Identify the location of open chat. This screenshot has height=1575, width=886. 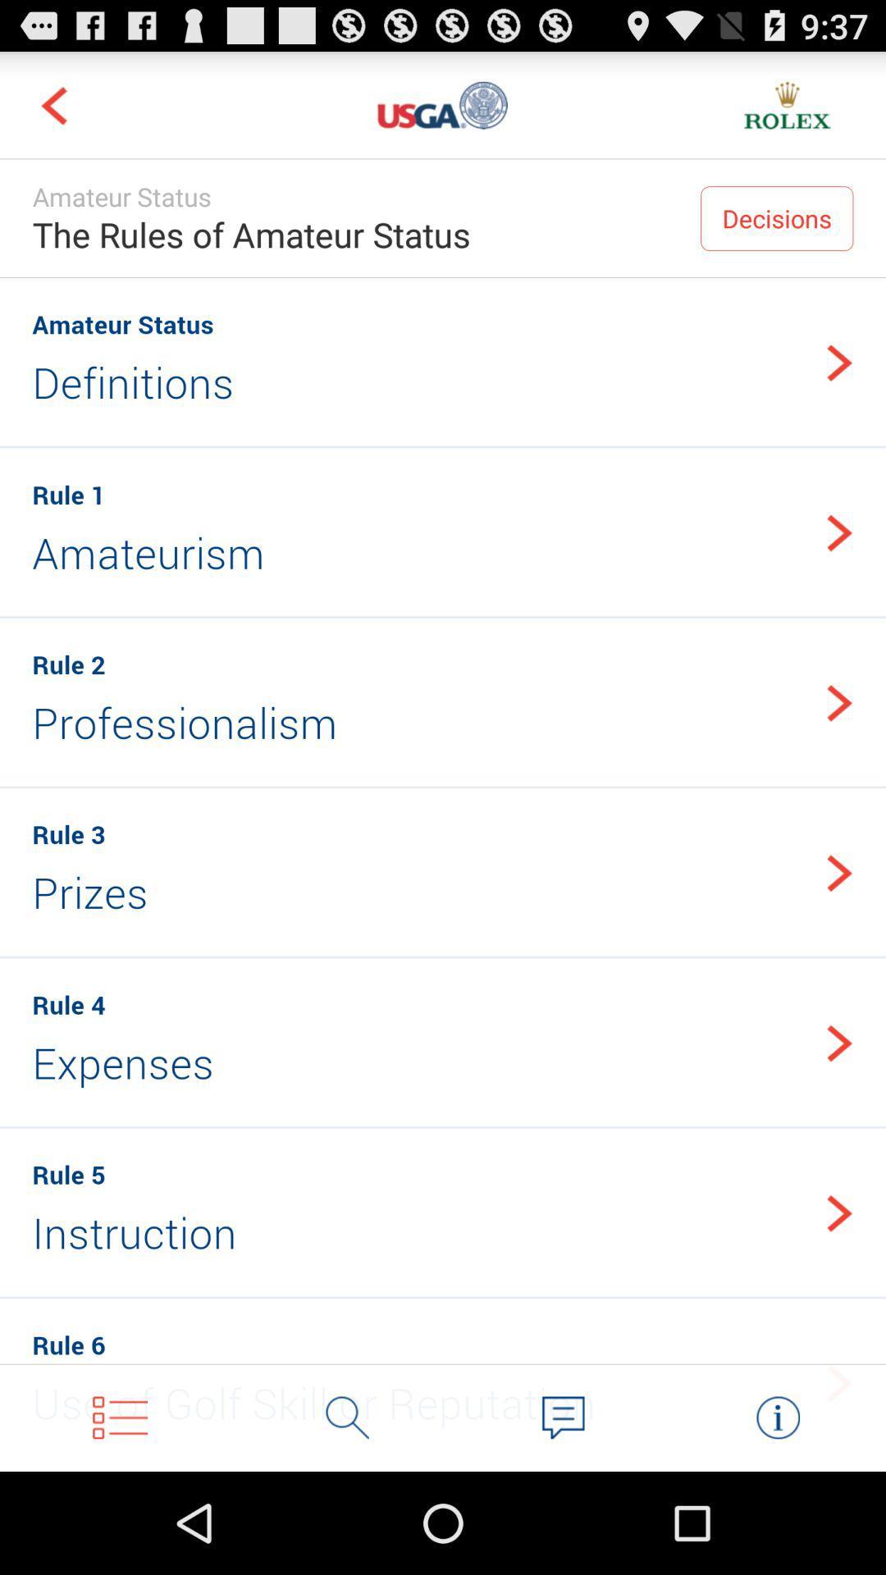
(562, 1417).